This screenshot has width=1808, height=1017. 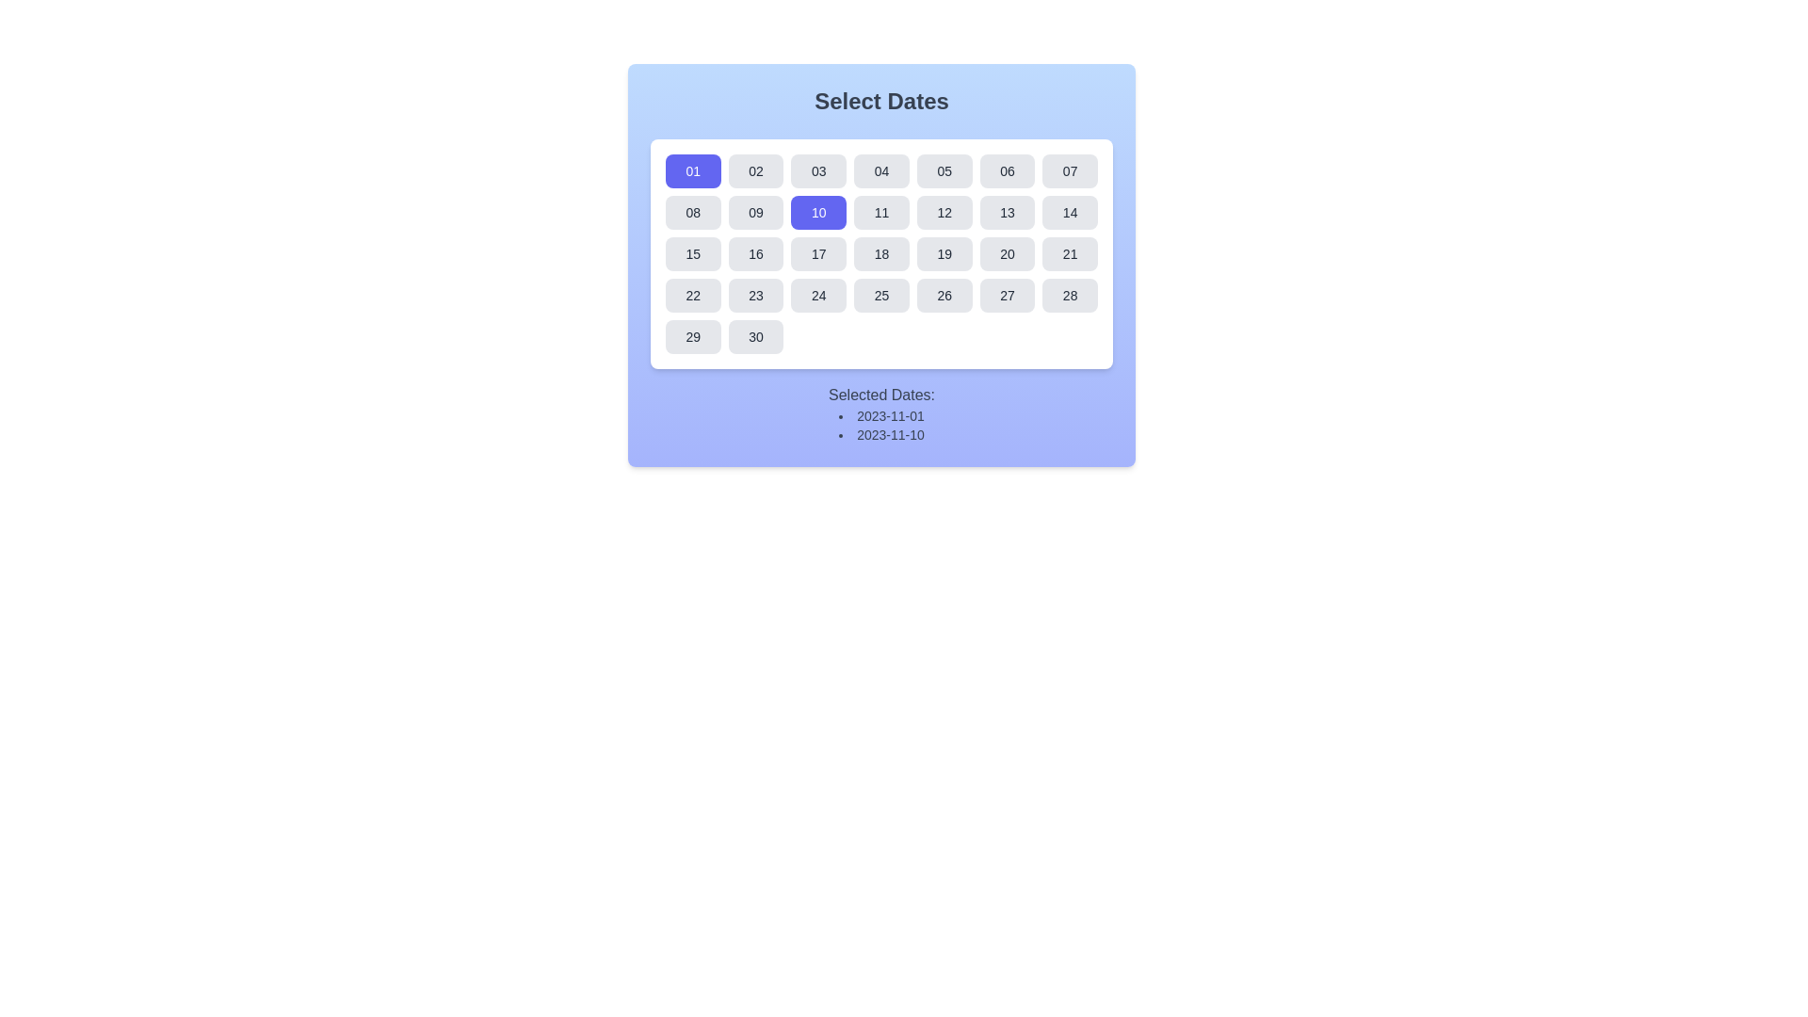 I want to click on the rounded rectangular button displaying '24' in the calendar grid, so click(x=818, y=295).